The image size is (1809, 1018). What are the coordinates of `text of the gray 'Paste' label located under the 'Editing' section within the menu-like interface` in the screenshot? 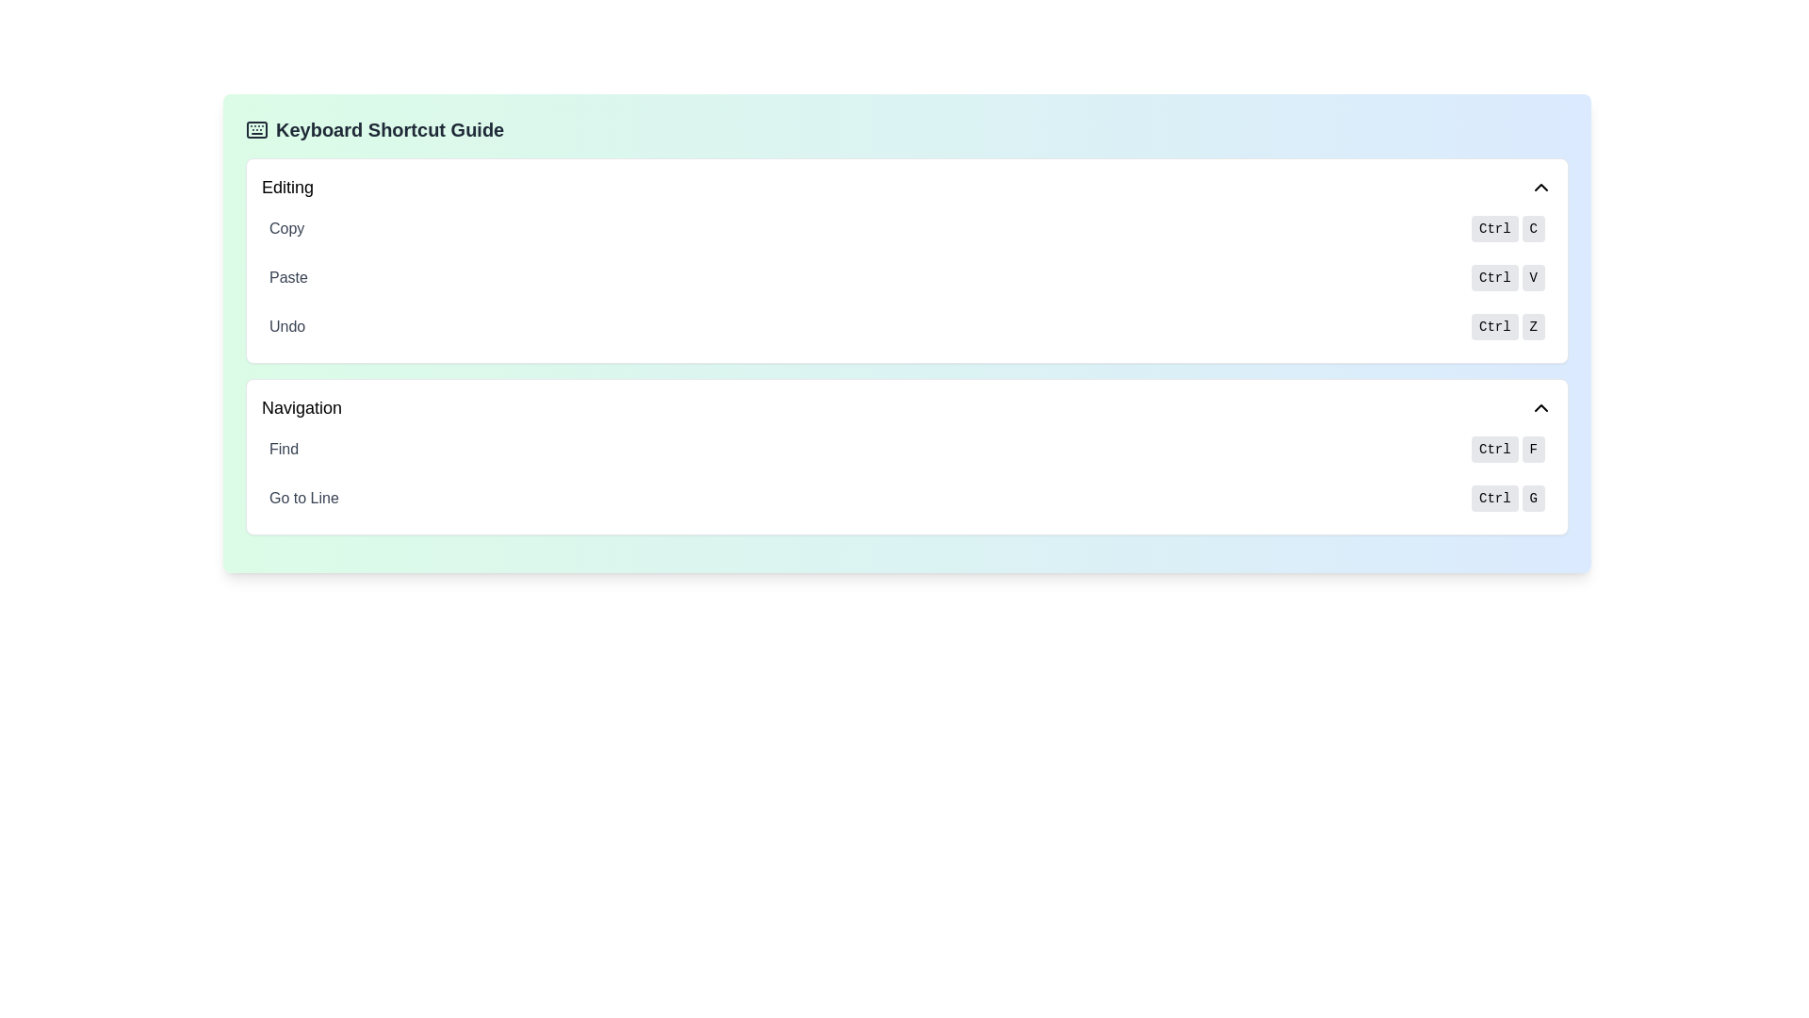 It's located at (287, 277).